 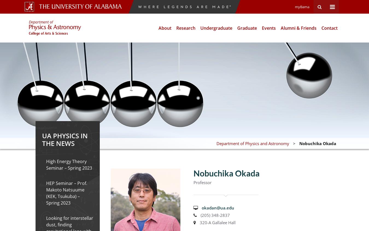 What do you see at coordinates (298, 28) in the screenshot?
I see `'Alumni & Friends'` at bounding box center [298, 28].